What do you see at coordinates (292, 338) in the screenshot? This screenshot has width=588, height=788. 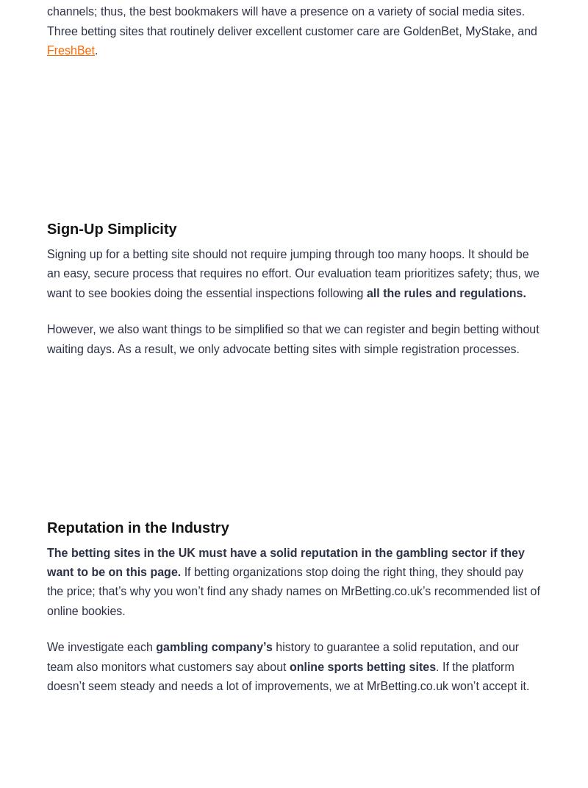 I see `'However, we also want things to be simplified so that we can register and begin betting without waiting days. As a result, we only advocate betting sites with simple registration processes.'` at bounding box center [292, 338].